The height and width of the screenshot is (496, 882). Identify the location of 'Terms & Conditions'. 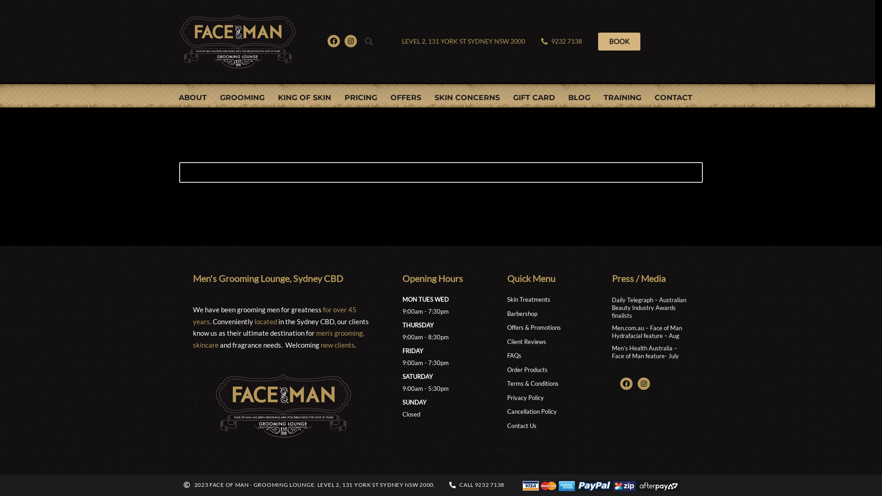
(545, 384).